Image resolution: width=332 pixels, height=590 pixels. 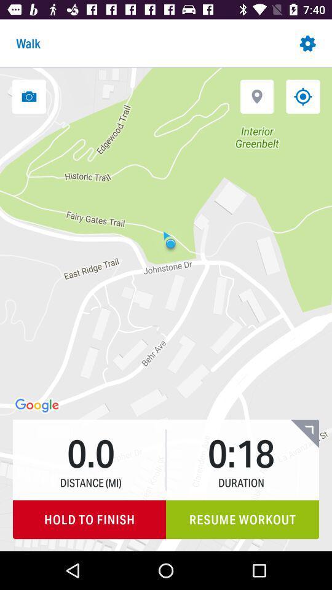 What do you see at coordinates (242, 519) in the screenshot?
I see `the resume workout item` at bounding box center [242, 519].